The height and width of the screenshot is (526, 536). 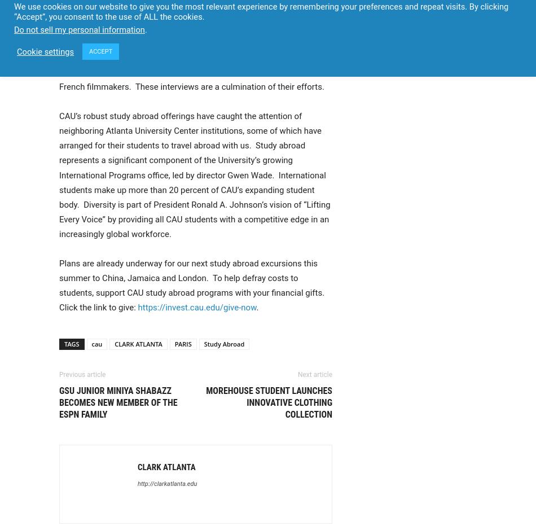 I want to click on 'cau', so click(x=96, y=343).